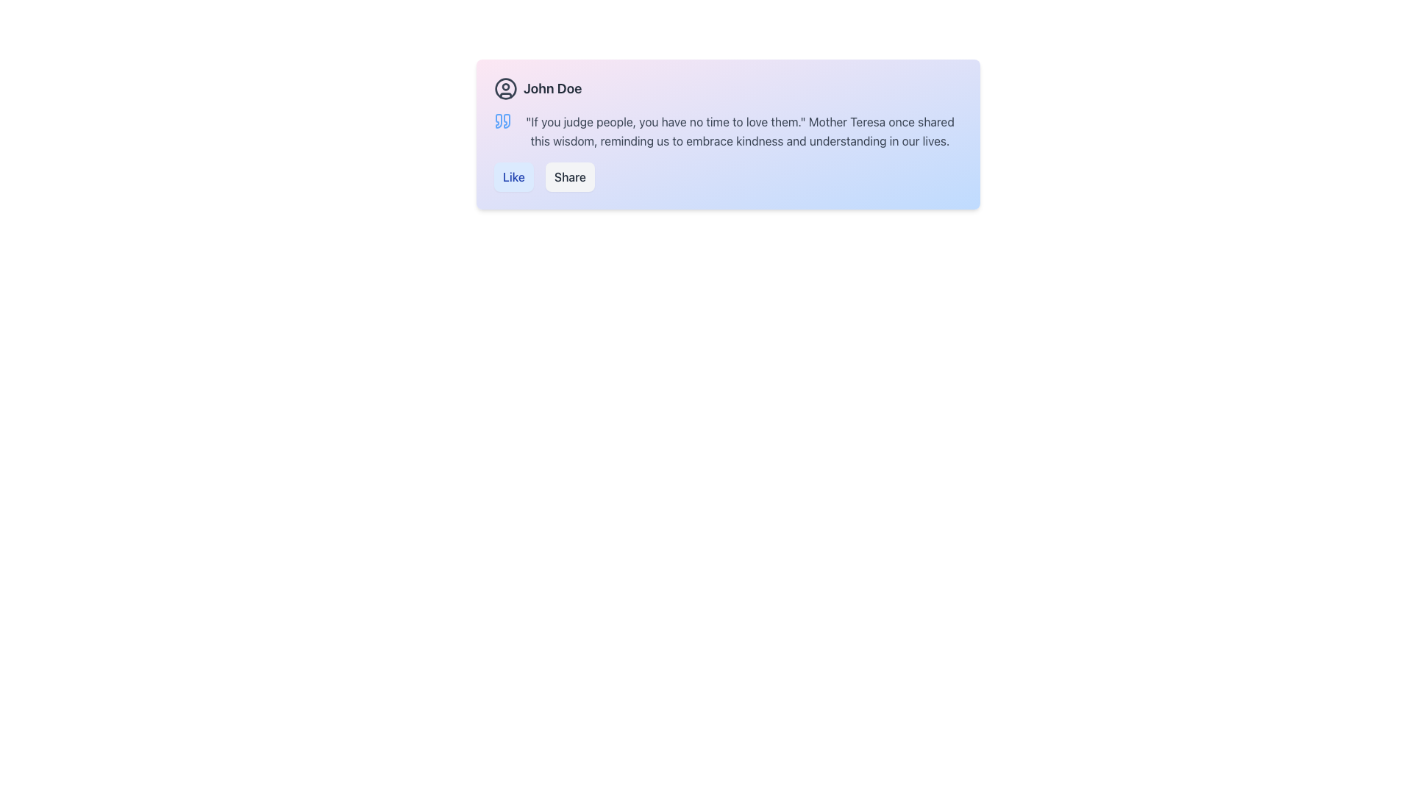 Image resolution: width=1412 pixels, height=794 pixels. Describe the element at coordinates (514, 176) in the screenshot. I see `the 'Like' button with a light blue background to change its background color to a darker blue` at that location.